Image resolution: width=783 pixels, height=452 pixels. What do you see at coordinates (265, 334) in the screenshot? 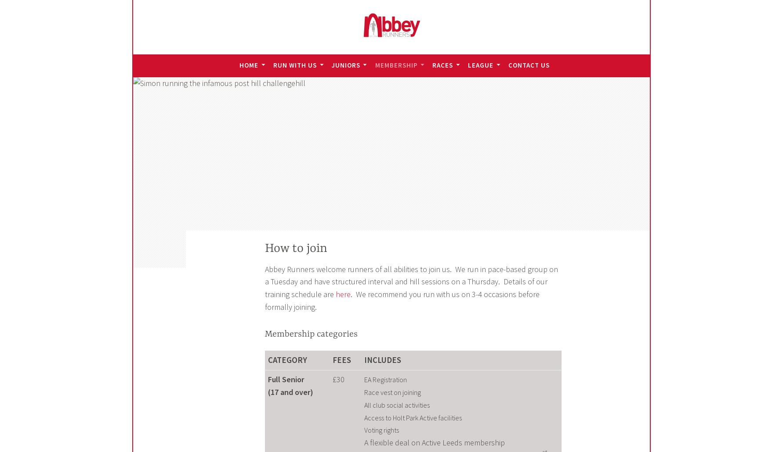
I see `'Membership categories'` at bounding box center [265, 334].